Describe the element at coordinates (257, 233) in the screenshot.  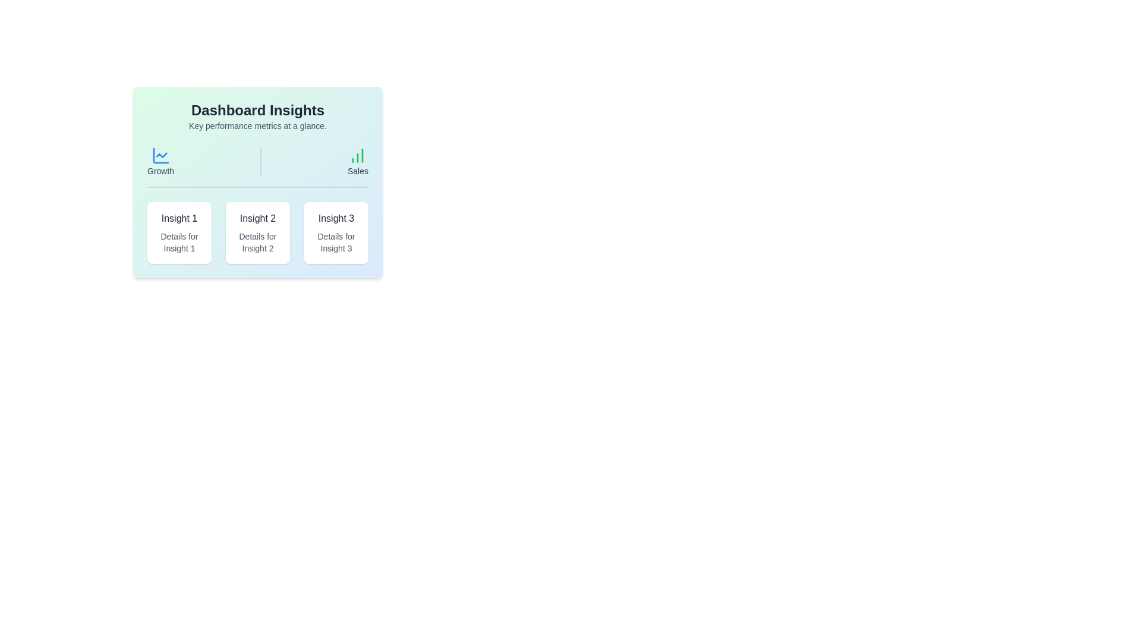
I see `the grid layout containing individual content cards, which is centrally located beneath the 'Dashboard Insights' heading and above the 'Growth' and 'Sales' sections` at that location.